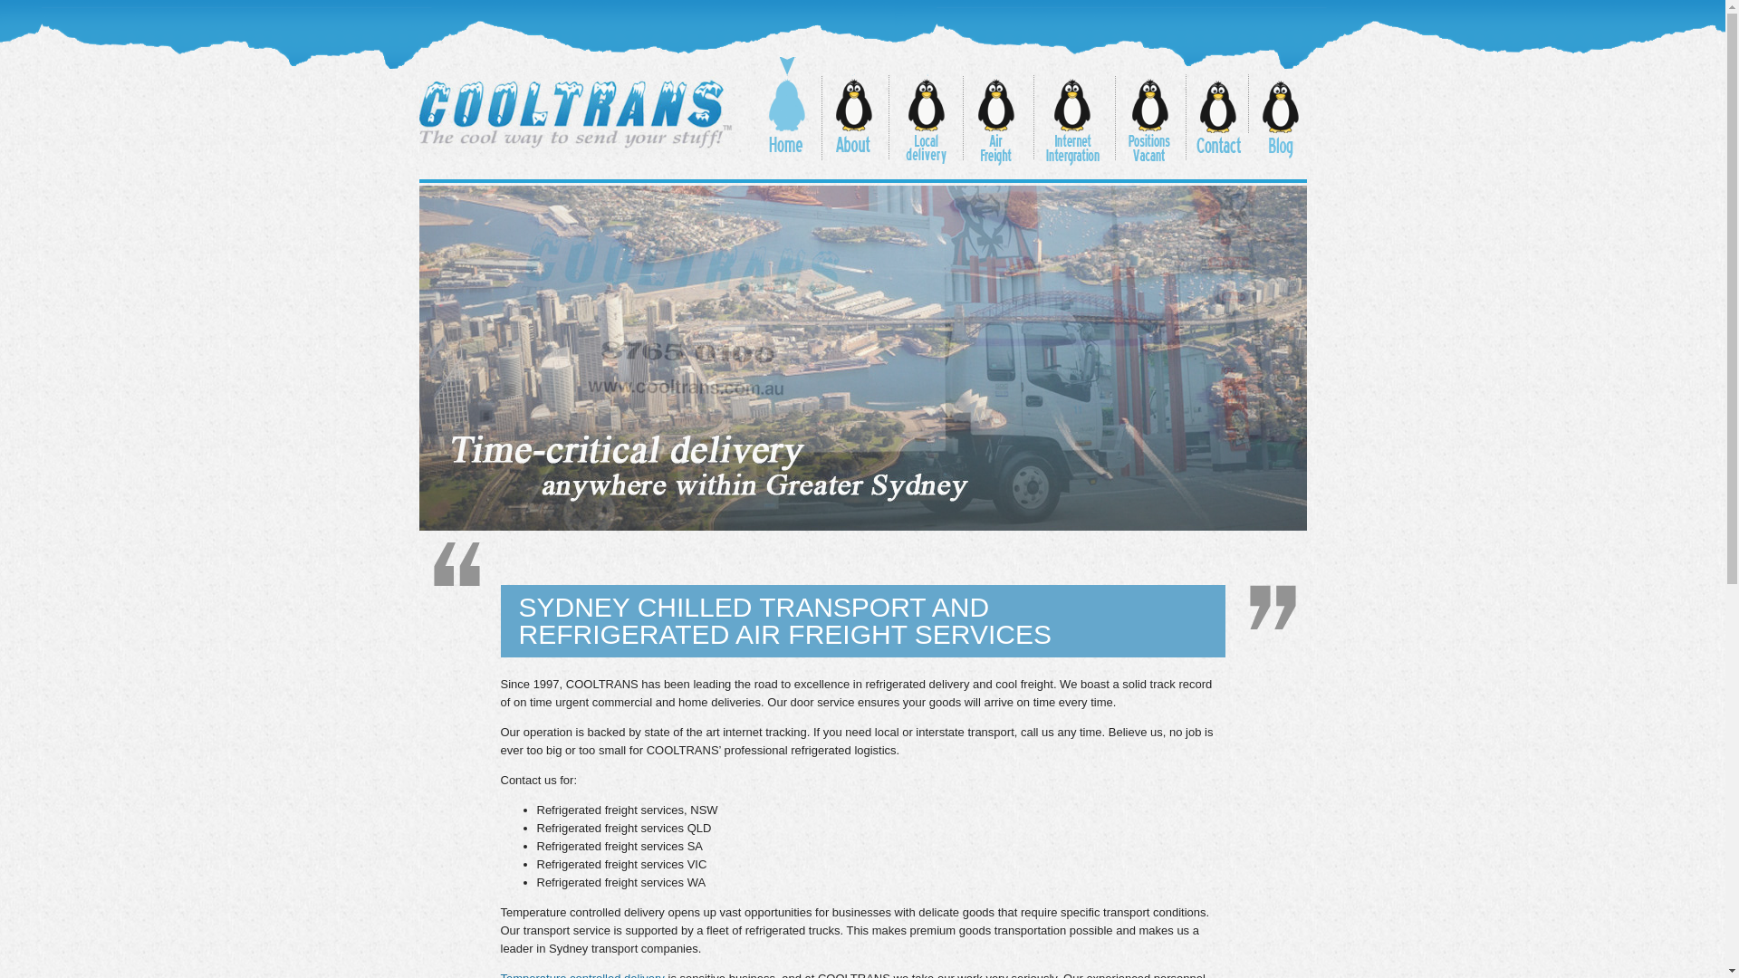  Describe the element at coordinates (1215, 111) in the screenshot. I see `'Contact'` at that location.